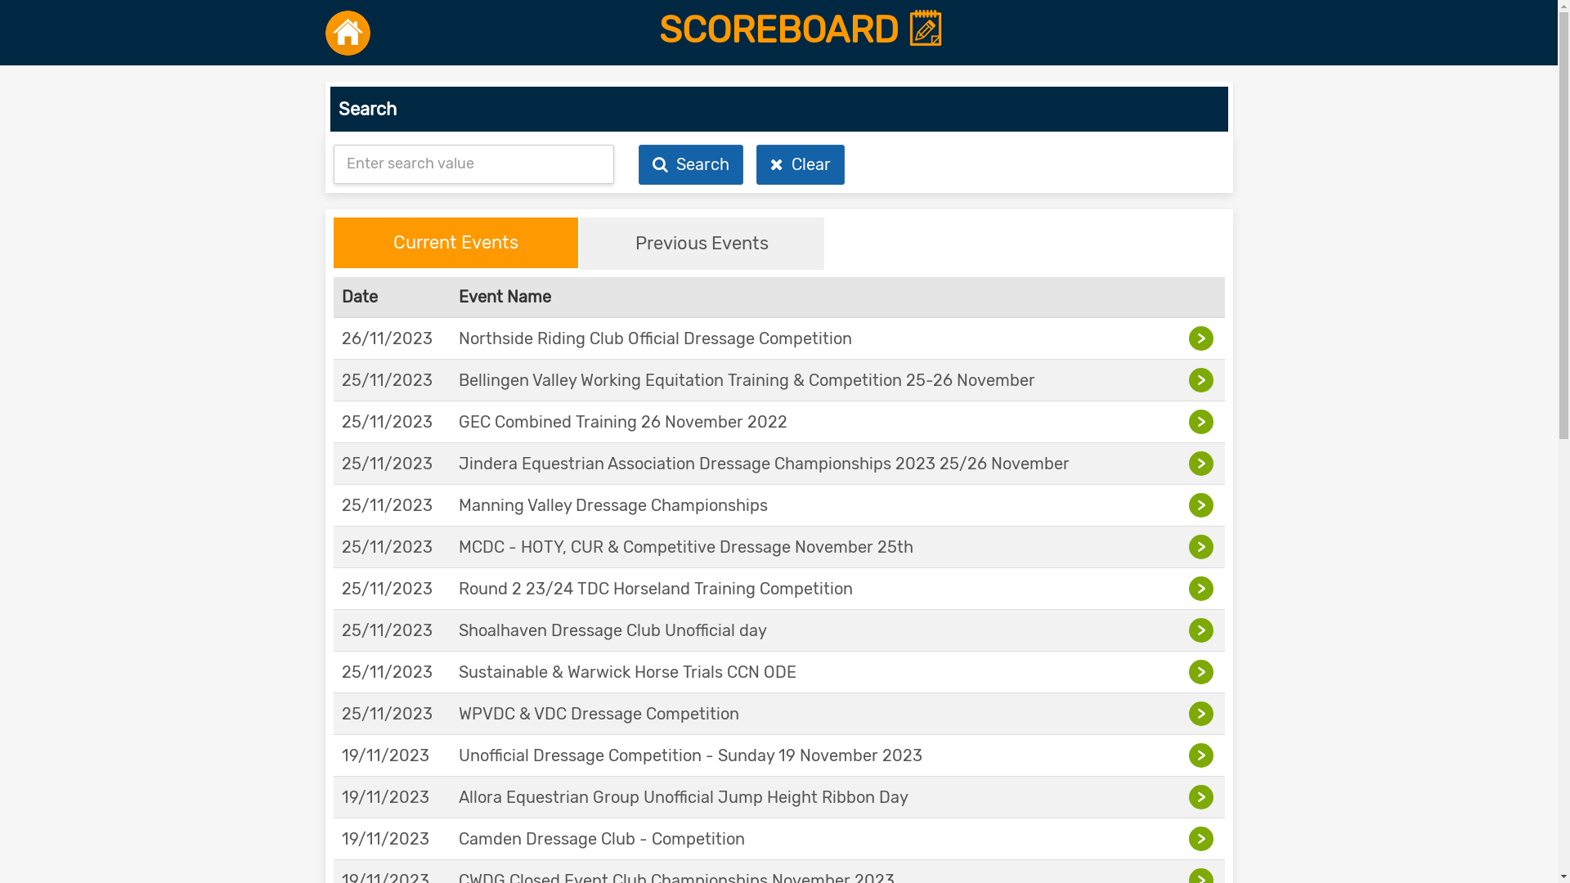  I want to click on 'SCOREBOARD', so click(801, 30).